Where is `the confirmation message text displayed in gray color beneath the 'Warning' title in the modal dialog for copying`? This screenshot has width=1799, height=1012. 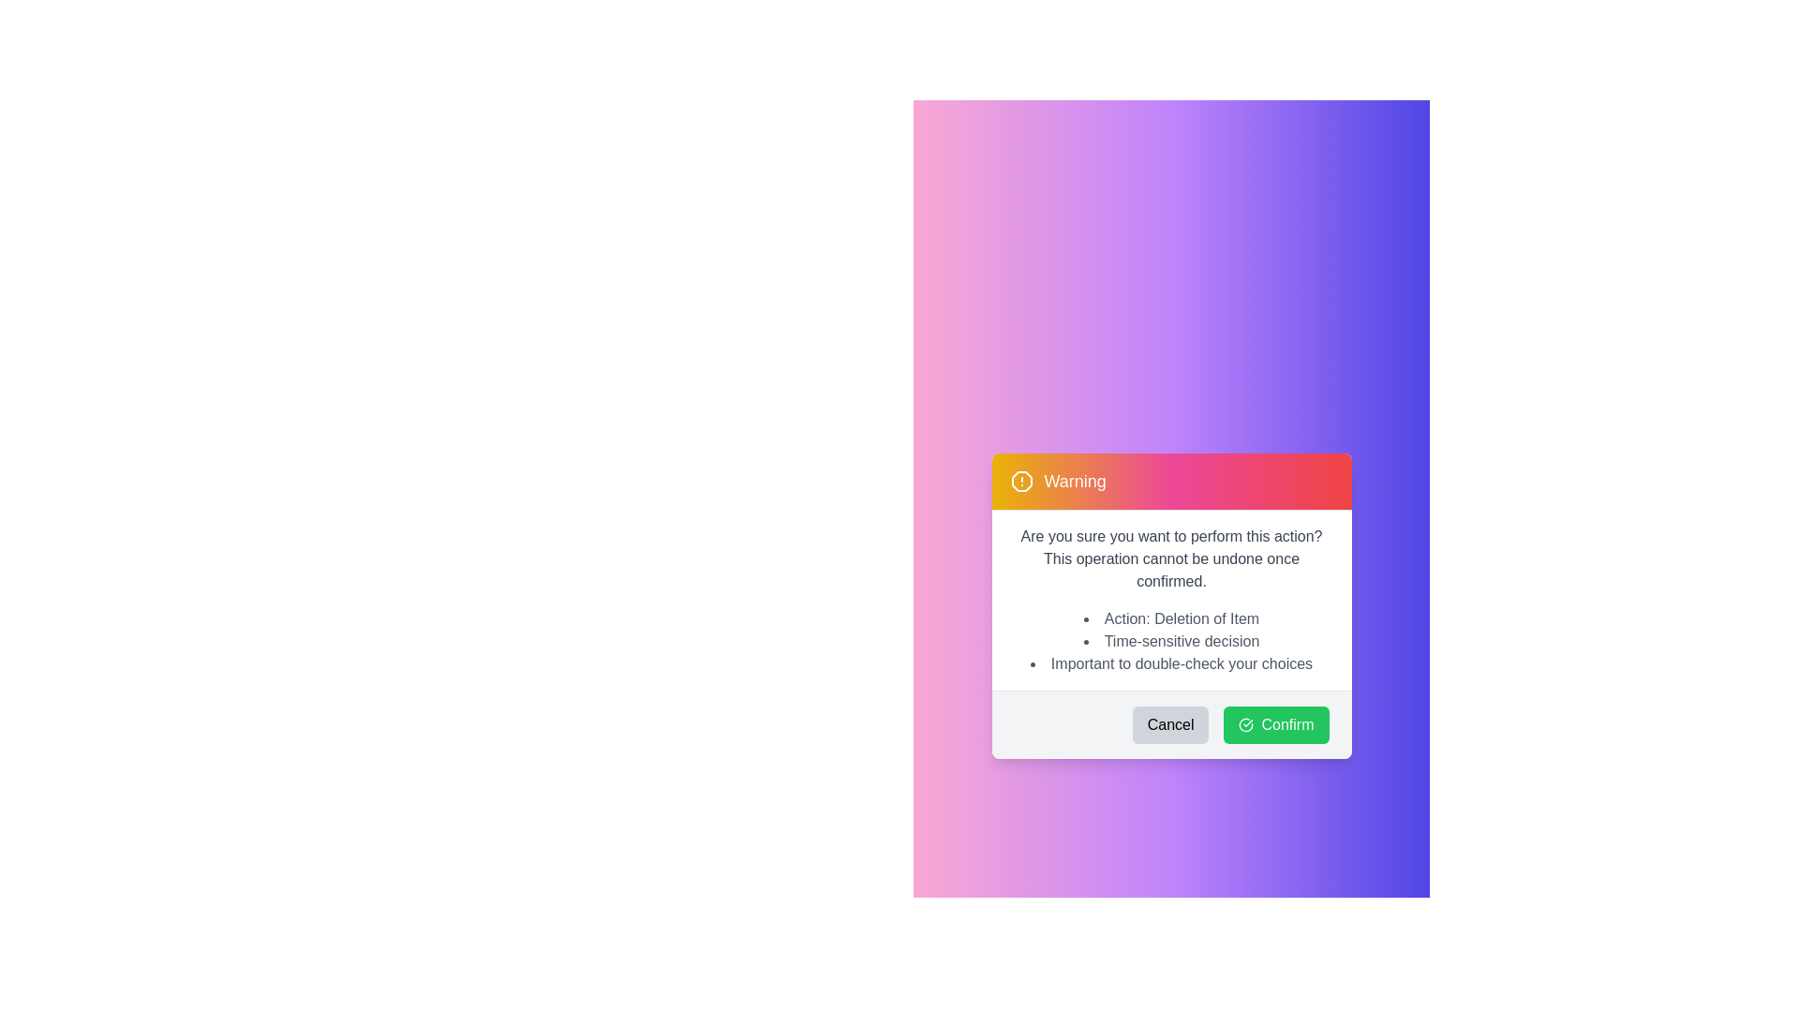
the confirmation message text displayed in gray color beneath the 'Warning' title in the modal dialog for copying is located at coordinates (1170, 558).